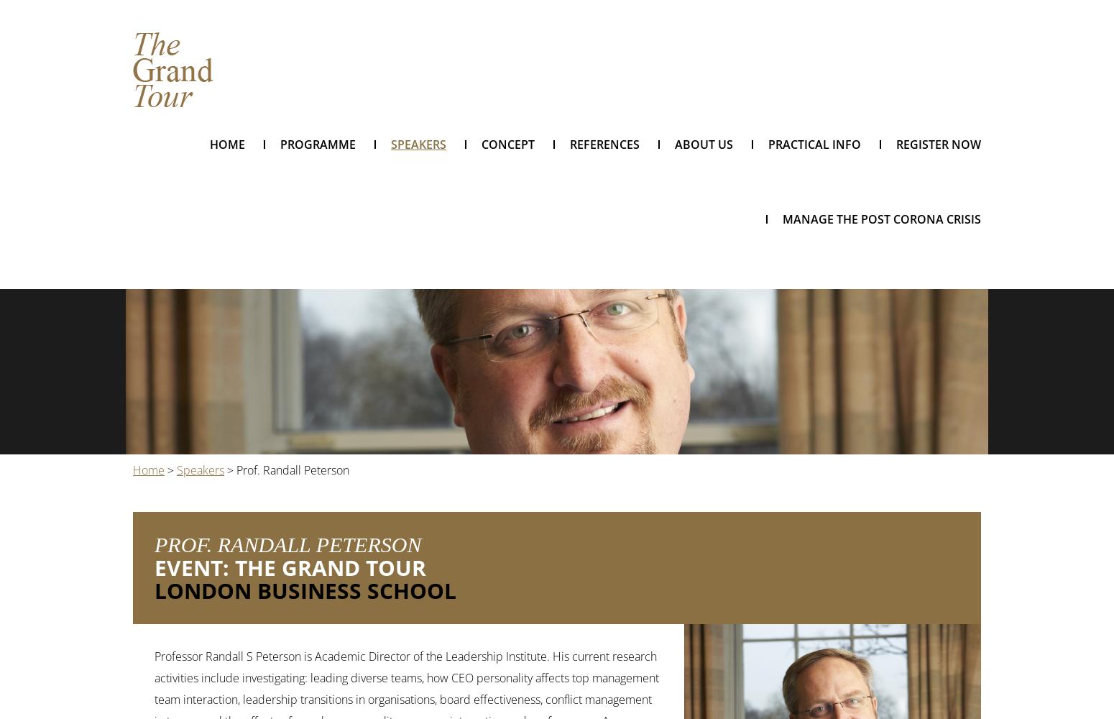 Image resolution: width=1114 pixels, height=719 pixels. Describe the element at coordinates (768, 144) in the screenshot. I see `'Practical info'` at that location.